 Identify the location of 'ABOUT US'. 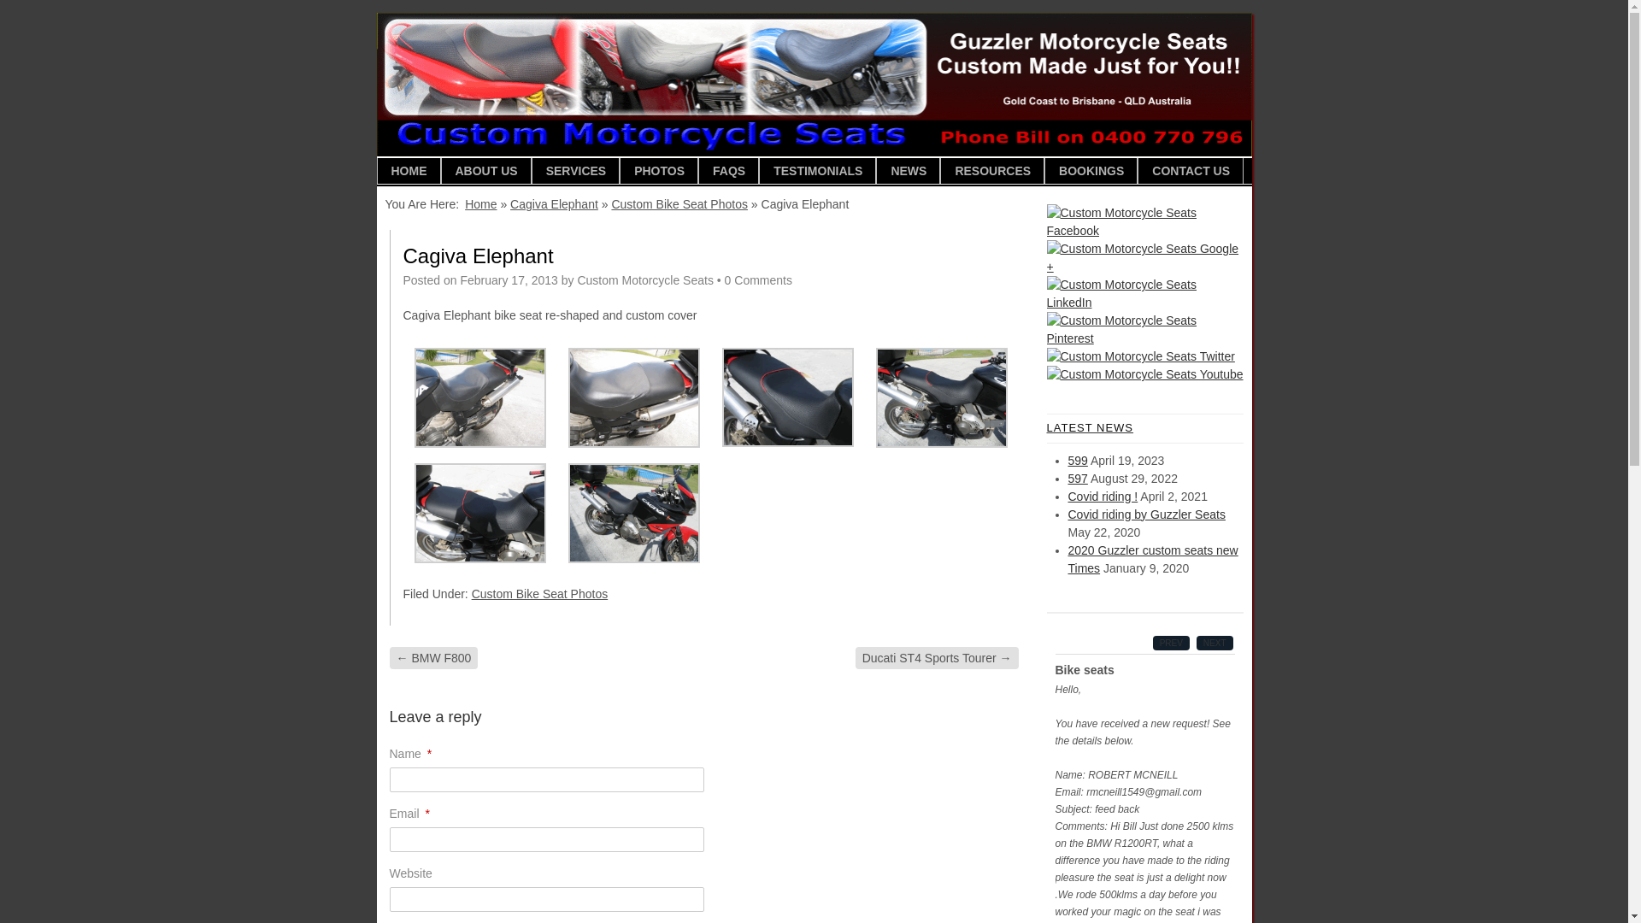
(485, 171).